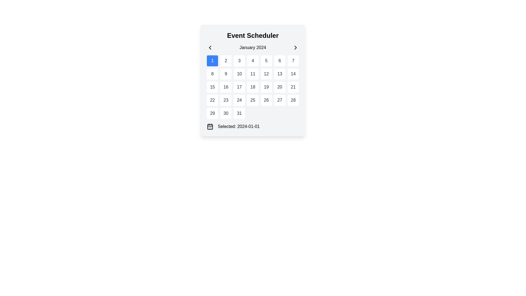 Image resolution: width=526 pixels, height=296 pixels. What do you see at coordinates (293, 74) in the screenshot?
I see `the button displaying the calendar day '14' located in the second row and seventh column of the calendar grid` at bounding box center [293, 74].